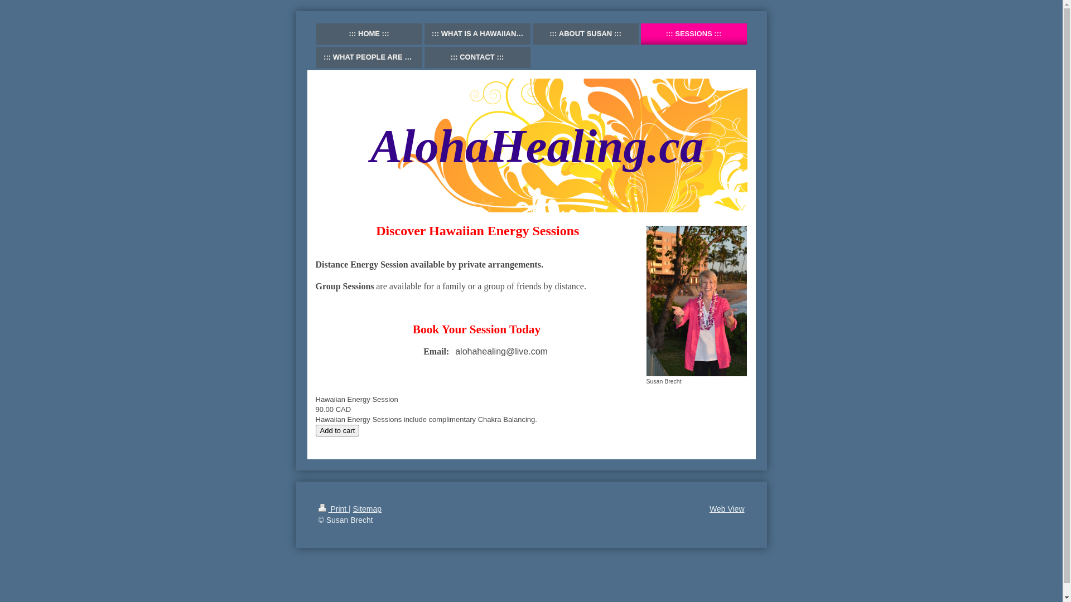 The height and width of the screenshot is (602, 1071). I want to click on 'Susan Brecht', so click(696, 305).